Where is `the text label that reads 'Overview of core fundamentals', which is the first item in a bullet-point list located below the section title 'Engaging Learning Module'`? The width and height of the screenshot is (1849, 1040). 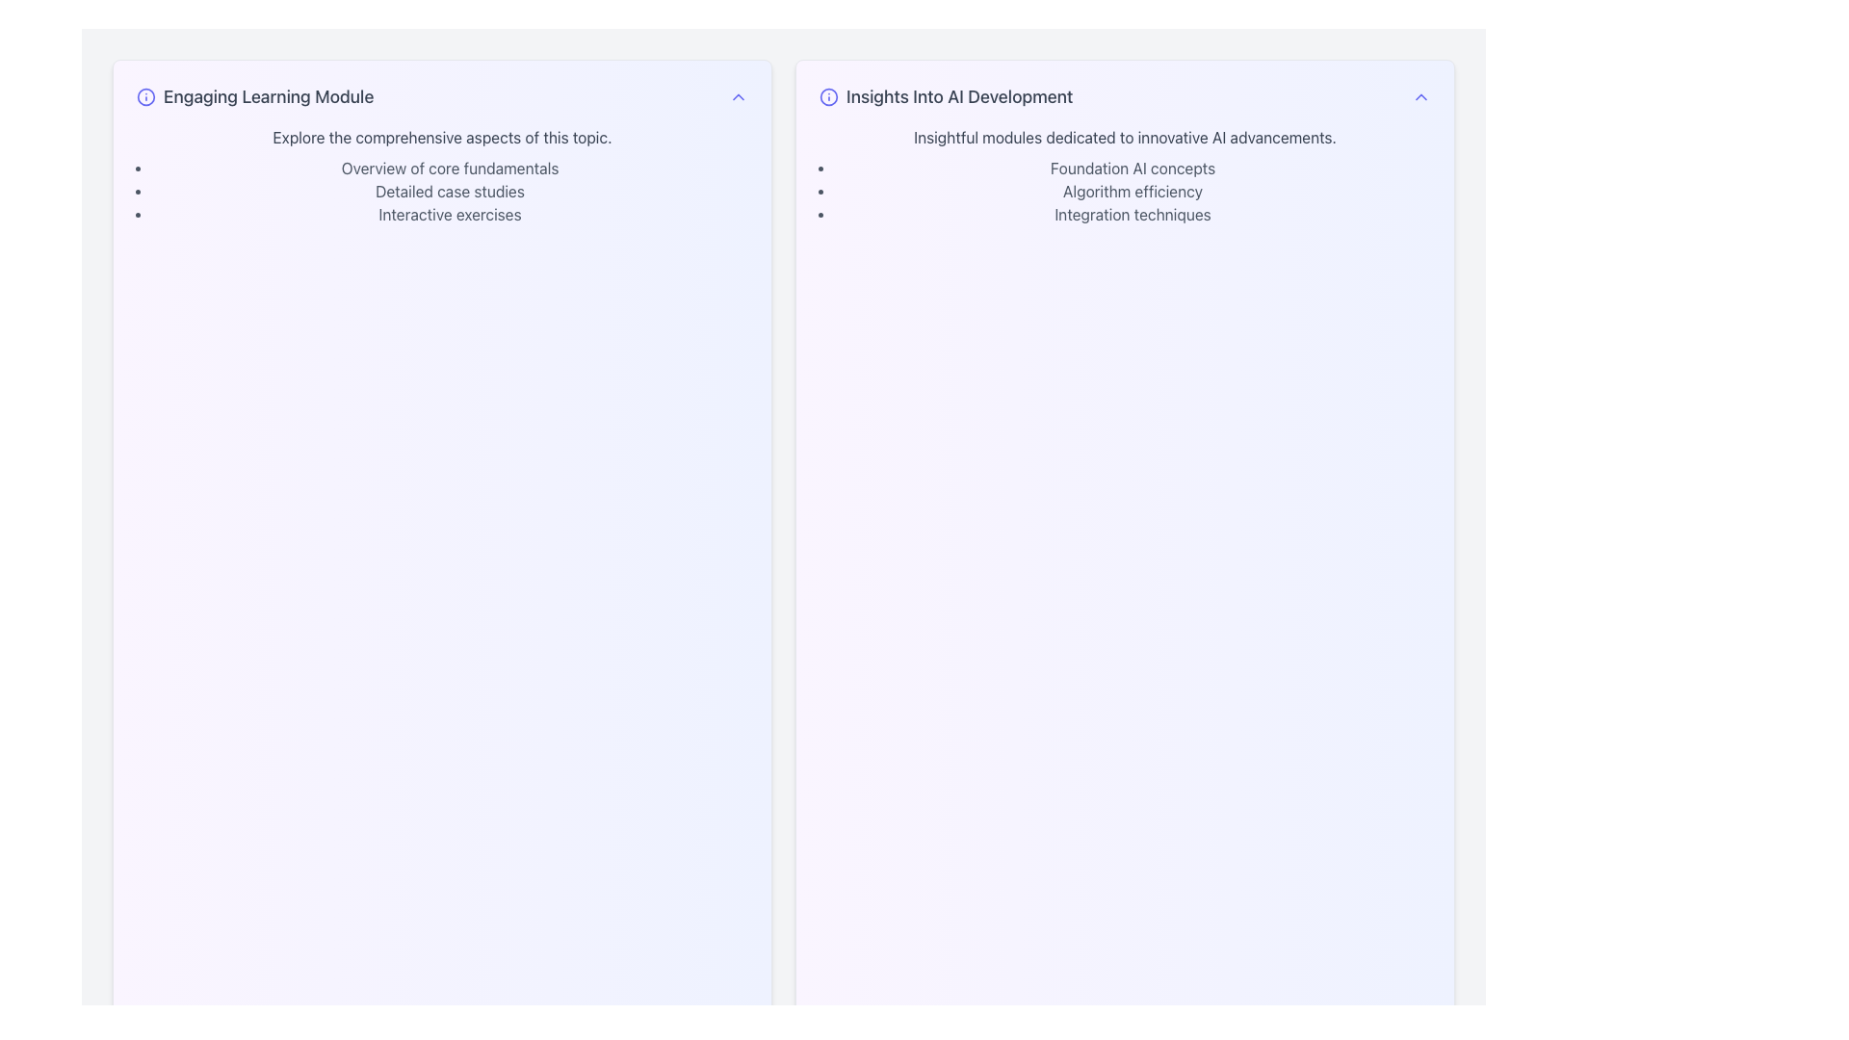 the text label that reads 'Overview of core fundamentals', which is the first item in a bullet-point list located below the section title 'Engaging Learning Module' is located at coordinates (449, 167).